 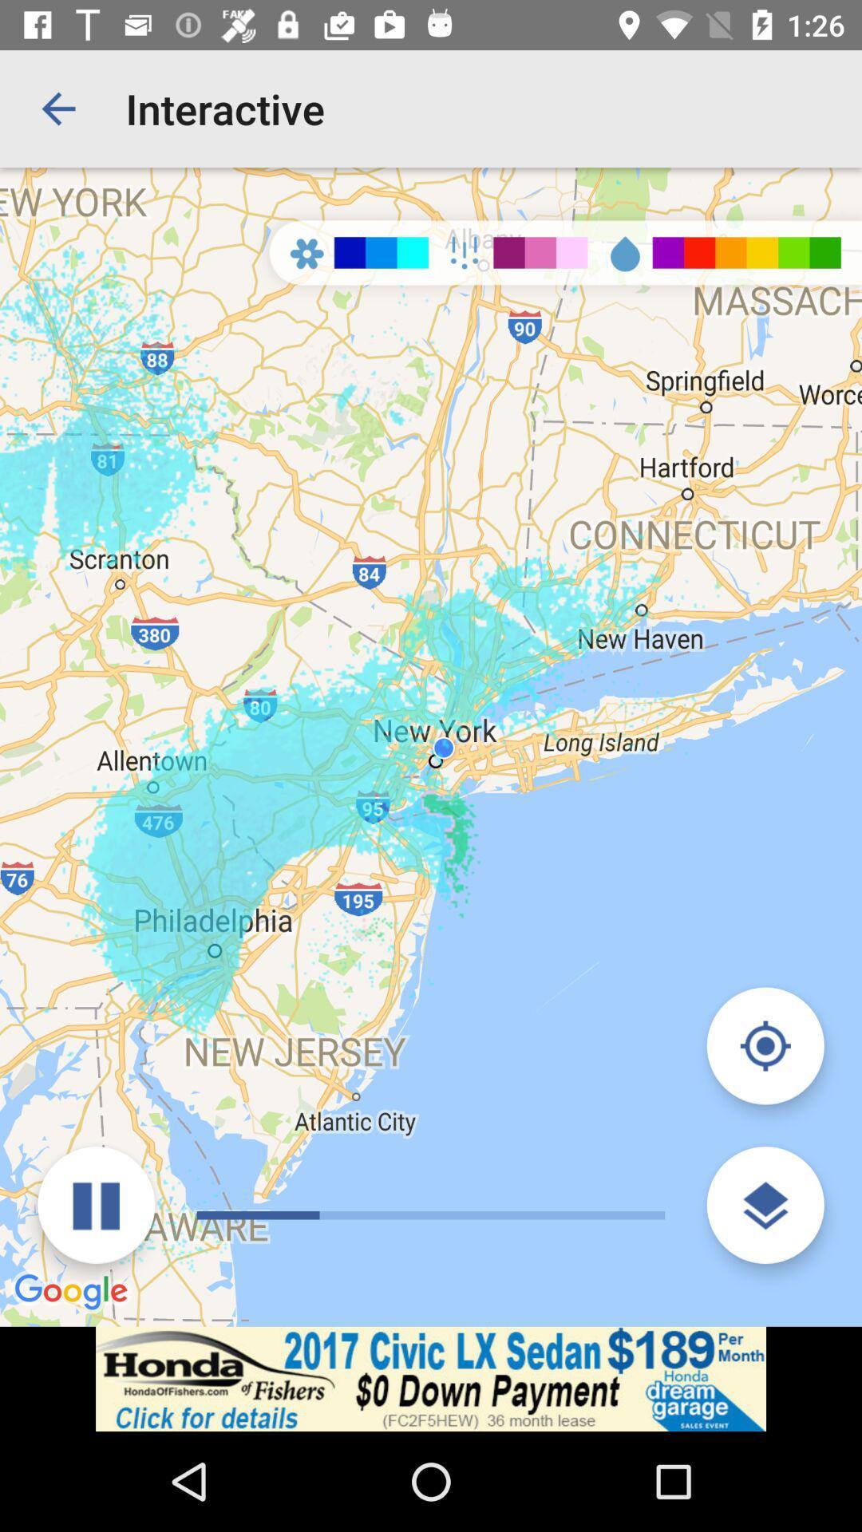 What do you see at coordinates (431, 1378) in the screenshot?
I see `advertisement` at bounding box center [431, 1378].